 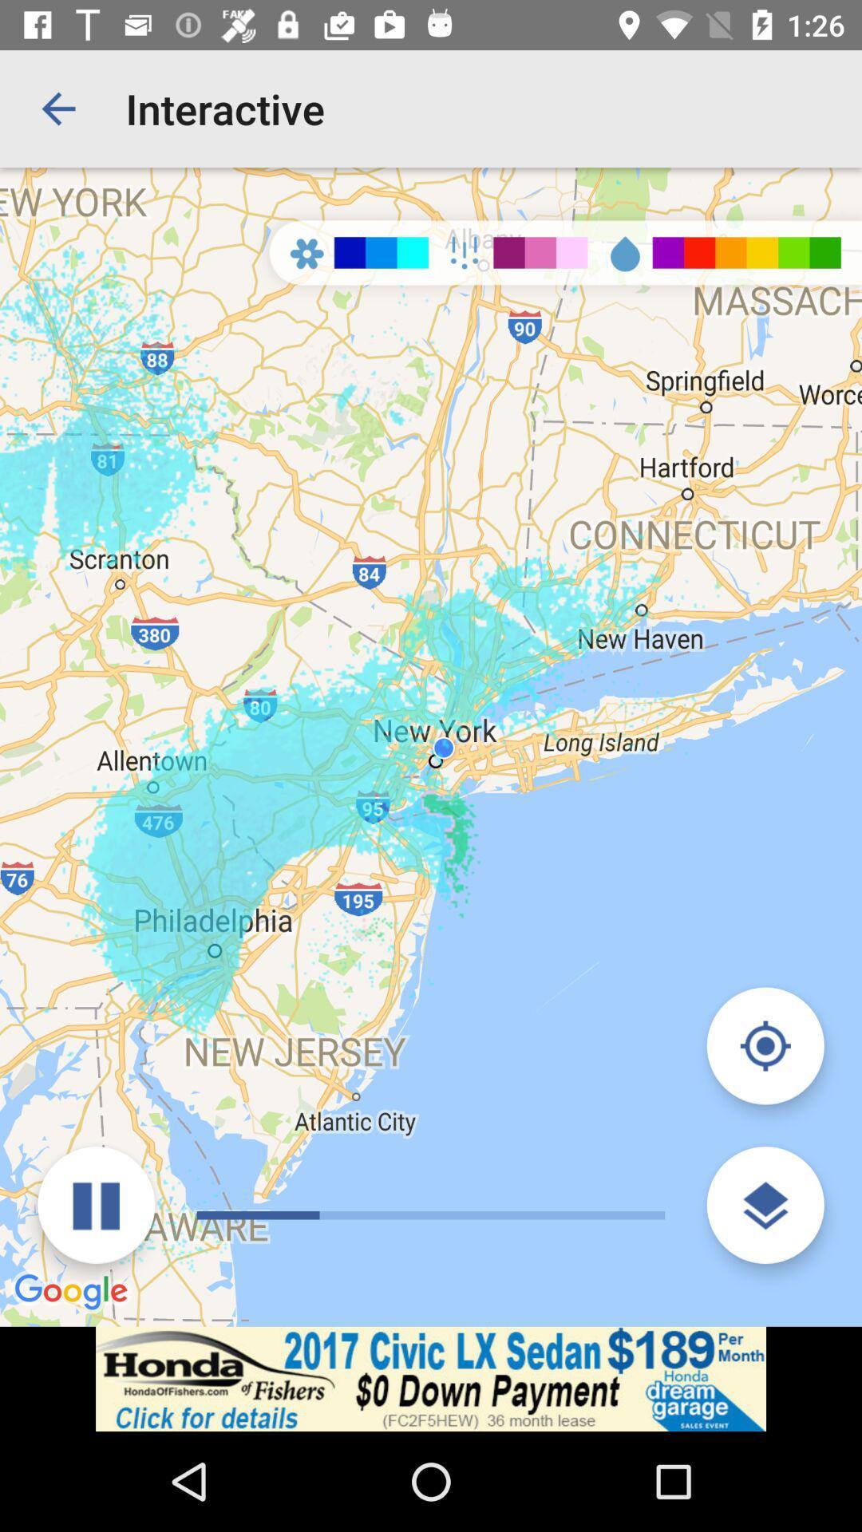 What do you see at coordinates (431, 1378) in the screenshot?
I see `advertisement` at bounding box center [431, 1378].